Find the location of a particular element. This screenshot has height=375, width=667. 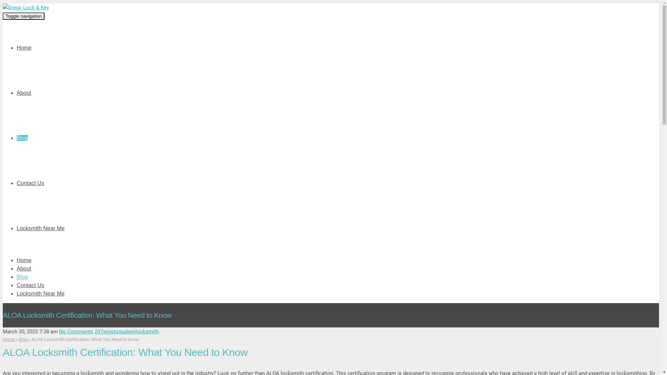

'No Comments' is located at coordinates (76, 331).